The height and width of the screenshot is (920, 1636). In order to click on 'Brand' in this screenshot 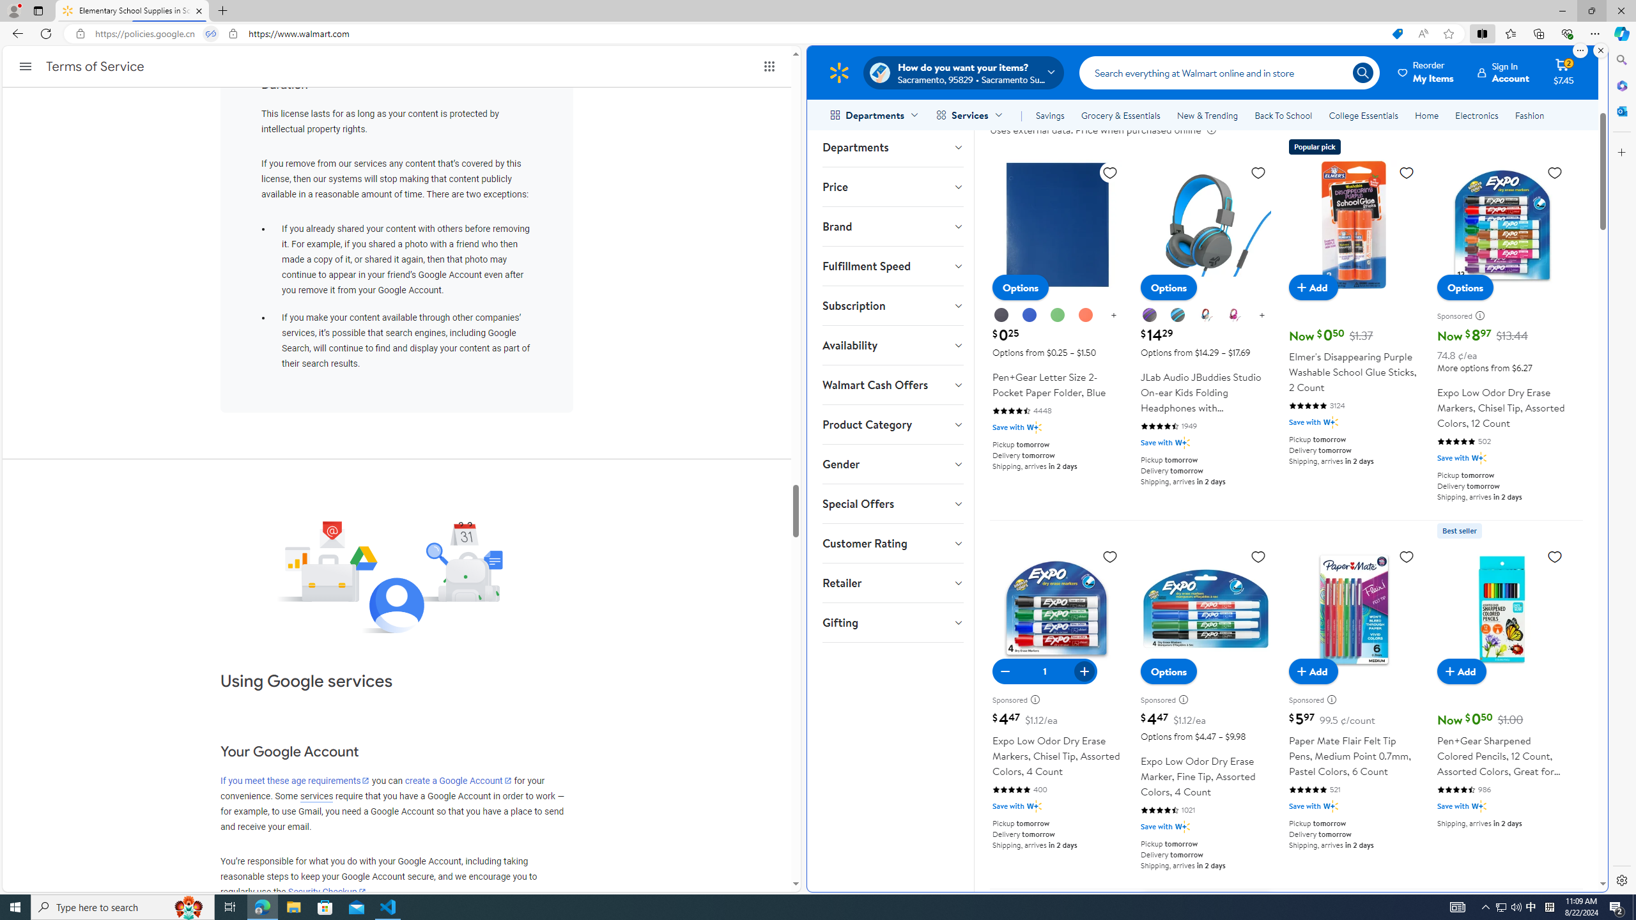, I will do `click(891, 226)`.